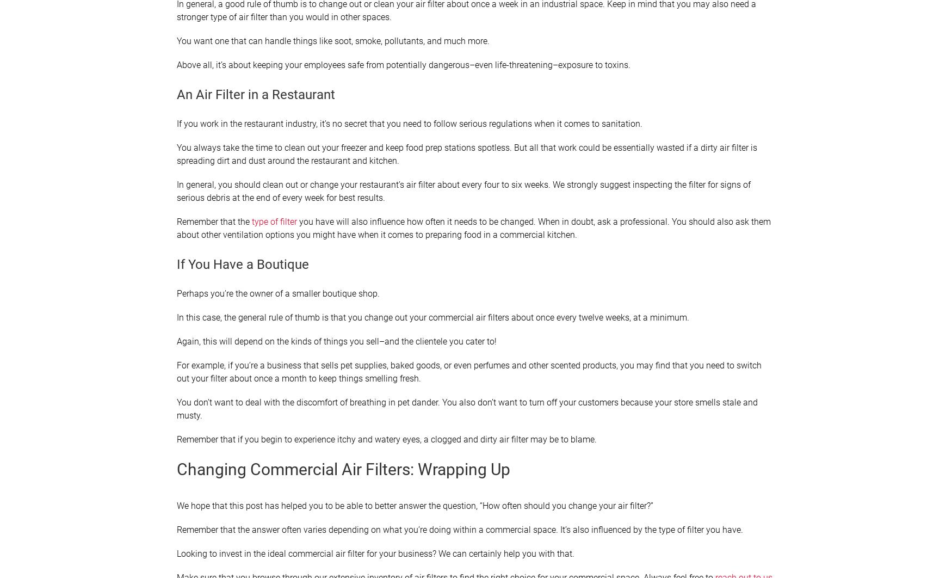  What do you see at coordinates (467, 409) in the screenshot?
I see `'You don’t want to deal with the discomfort of breathing in pet dander. You also don’t want to turn off your customers because your store smells stale and musty.'` at bounding box center [467, 409].